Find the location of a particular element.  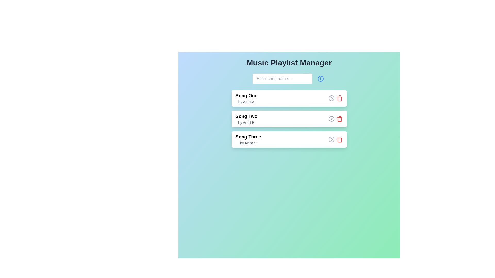

the button in the top right corner of the first song entry in the playlist to provide visual feedback is located at coordinates (340, 98).